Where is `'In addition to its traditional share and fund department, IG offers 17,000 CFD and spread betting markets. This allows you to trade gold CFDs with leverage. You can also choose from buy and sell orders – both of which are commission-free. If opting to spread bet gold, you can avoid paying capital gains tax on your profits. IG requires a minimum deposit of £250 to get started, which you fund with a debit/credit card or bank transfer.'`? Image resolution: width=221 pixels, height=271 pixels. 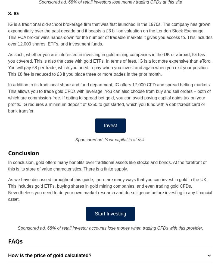 'In addition to its traditional share and fund department, IG offers 17,000 CFD and spread betting markets. This allows you to trade gold CFDs with leverage. You can also choose from buy and sell orders – both of which are commission-free. If opting to spread bet gold, you can avoid paying capital gains tax on your profits. IG requires a minimum deposit of £250 to get started, which you fund with a debit/credit card or bank transfer.' is located at coordinates (109, 97).